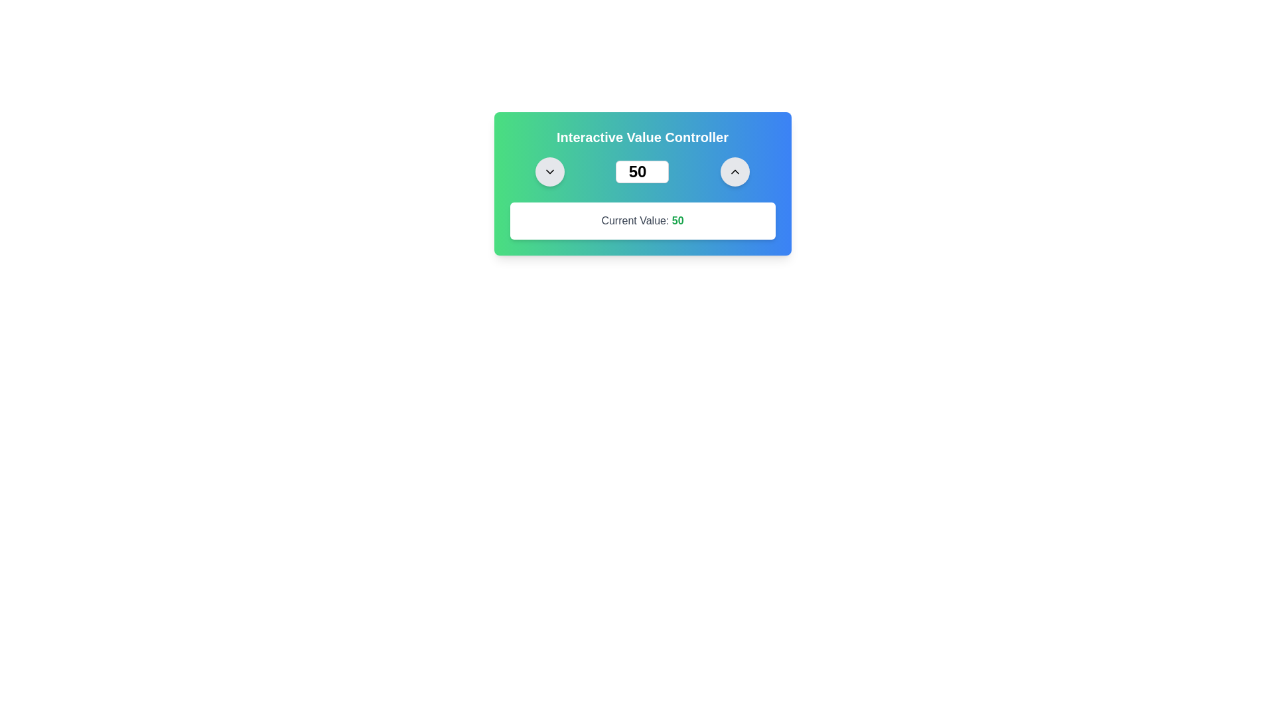 This screenshot has width=1274, height=717. Describe the element at coordinates (550, 171) in the screenshot. I see `the leftmost button that decreases the value in the associated numerical input field showing '50'` at that location.